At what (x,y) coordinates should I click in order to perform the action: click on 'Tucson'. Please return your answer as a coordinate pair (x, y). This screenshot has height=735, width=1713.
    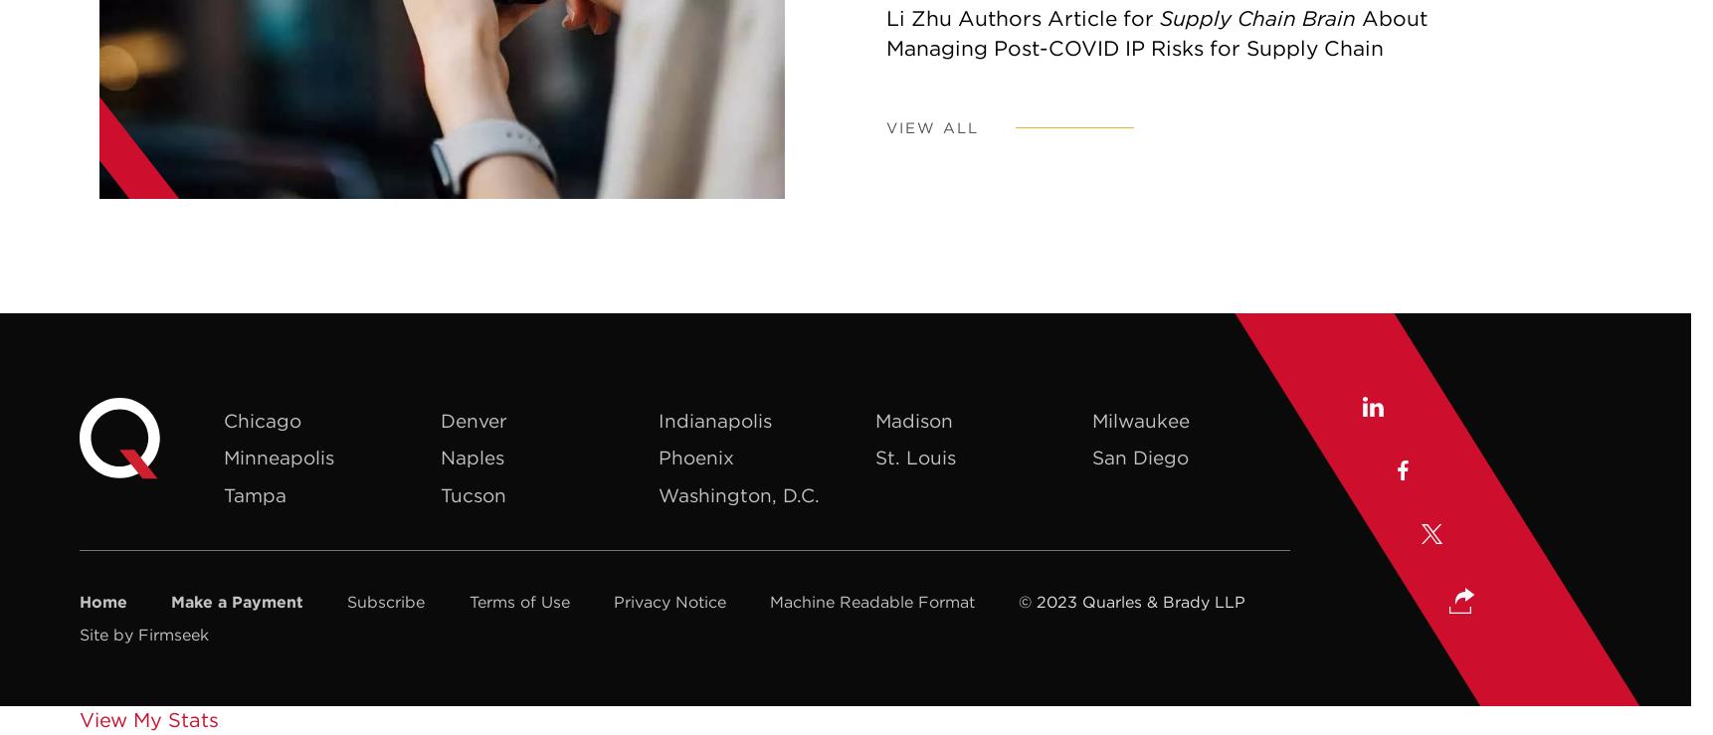
    Looking at the image, I should click on (440, 494).